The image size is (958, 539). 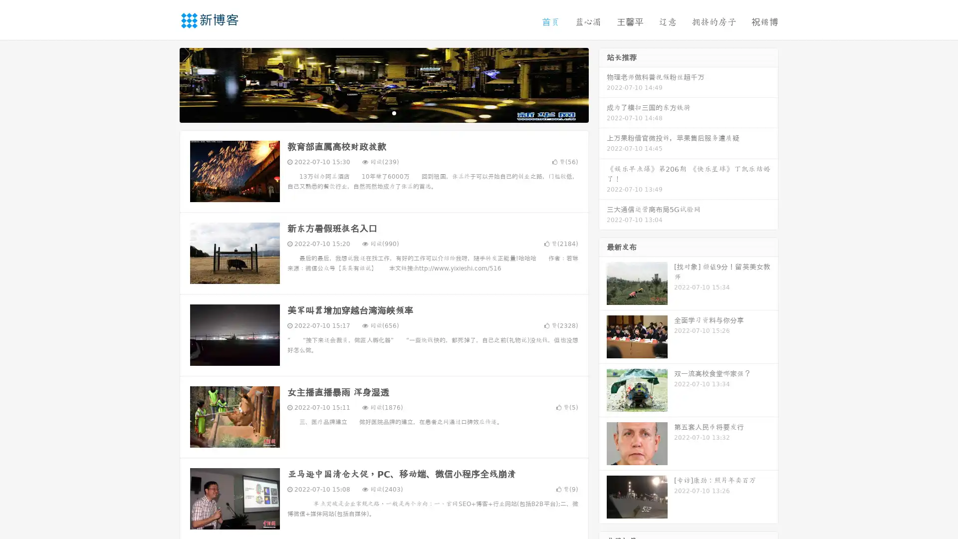 What do you see at coordinates (394, 112) in the screenshot?
I see `Go to slide 3` at bounding box center [394, 112].